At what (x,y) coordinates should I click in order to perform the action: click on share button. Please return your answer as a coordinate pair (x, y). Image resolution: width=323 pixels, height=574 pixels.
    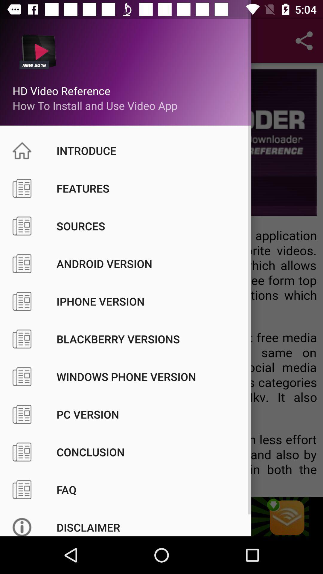
    Looking at the image, I should click on (304, 41).